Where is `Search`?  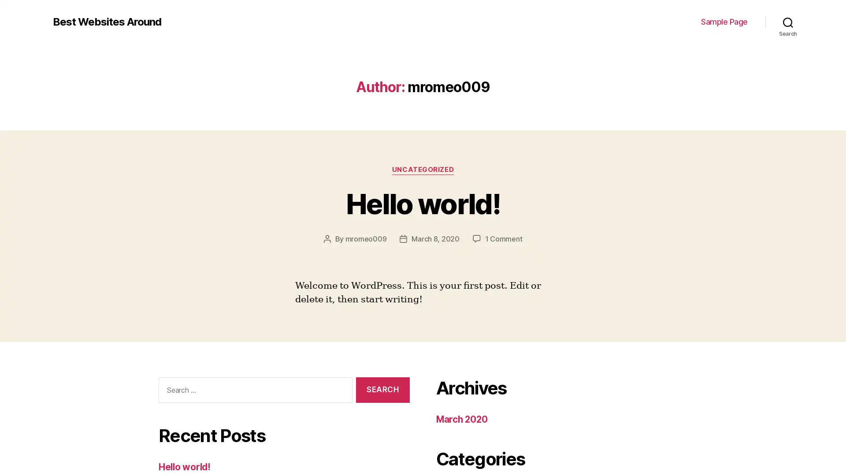
Search is located at coordinates (382, 389).